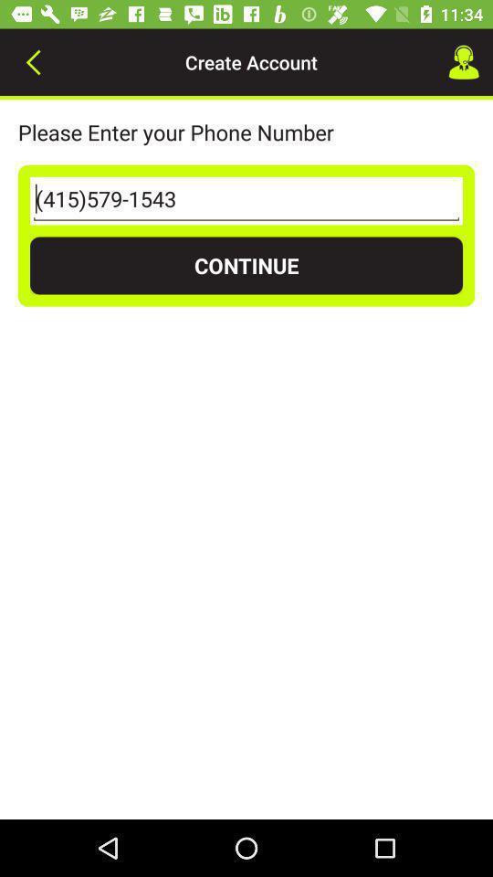 This screenshot has height=877, width=493. What do you see at coordinates (246, 201) in the screenshot?
I see `the icon above the continue item` at bounding box center [246, 201].